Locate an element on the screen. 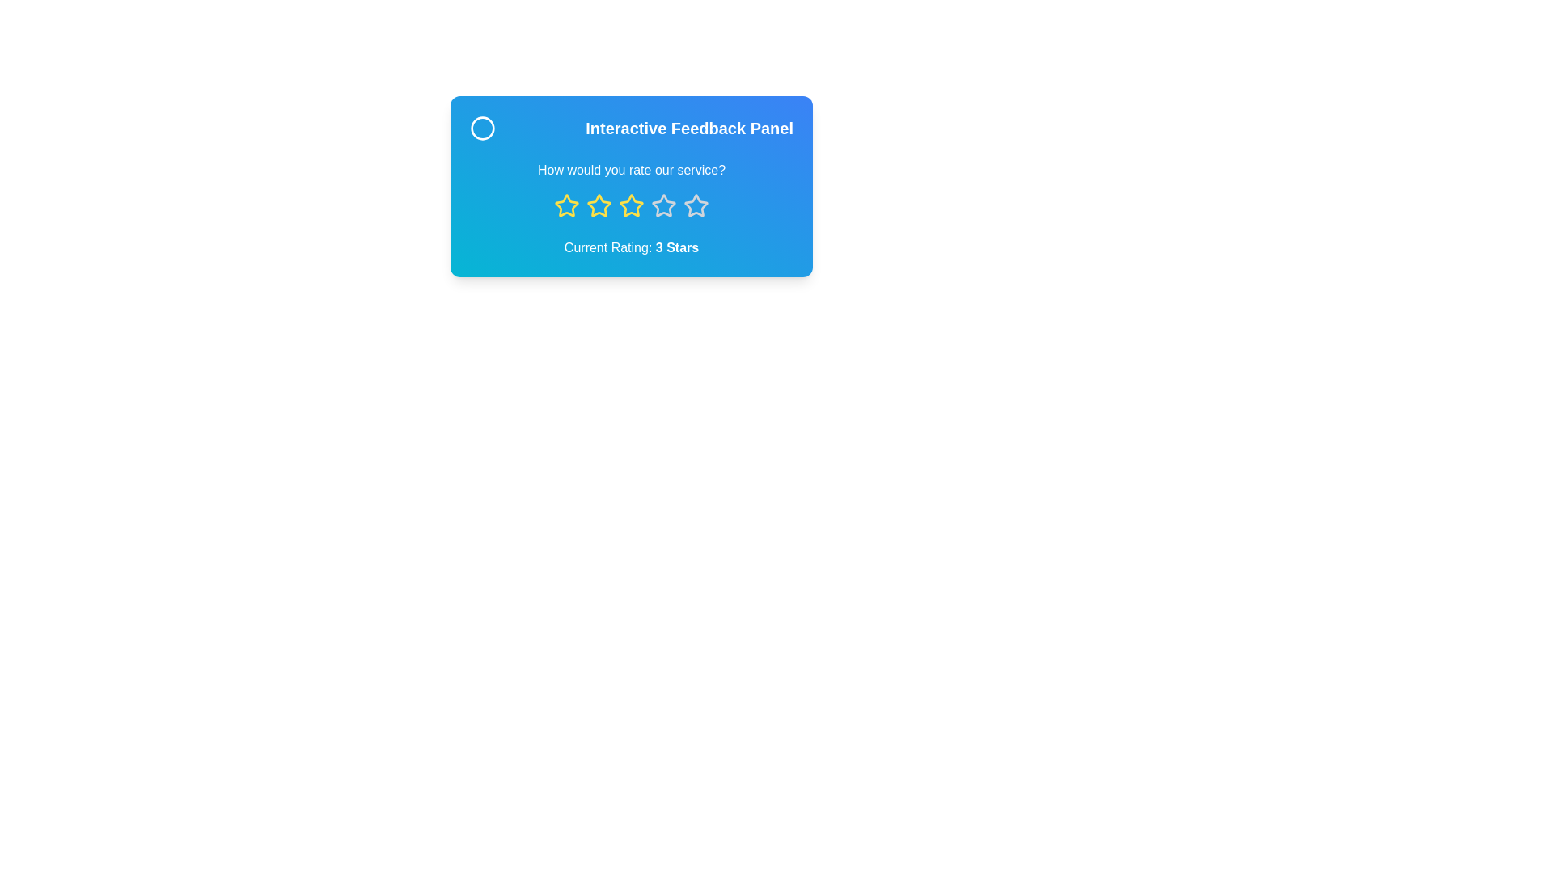  the text label displaying 'Current Rating: 3 Stars' located at the bottom center of the 'Interactive Feedback Panel' card is located at coordinates (631, 248).